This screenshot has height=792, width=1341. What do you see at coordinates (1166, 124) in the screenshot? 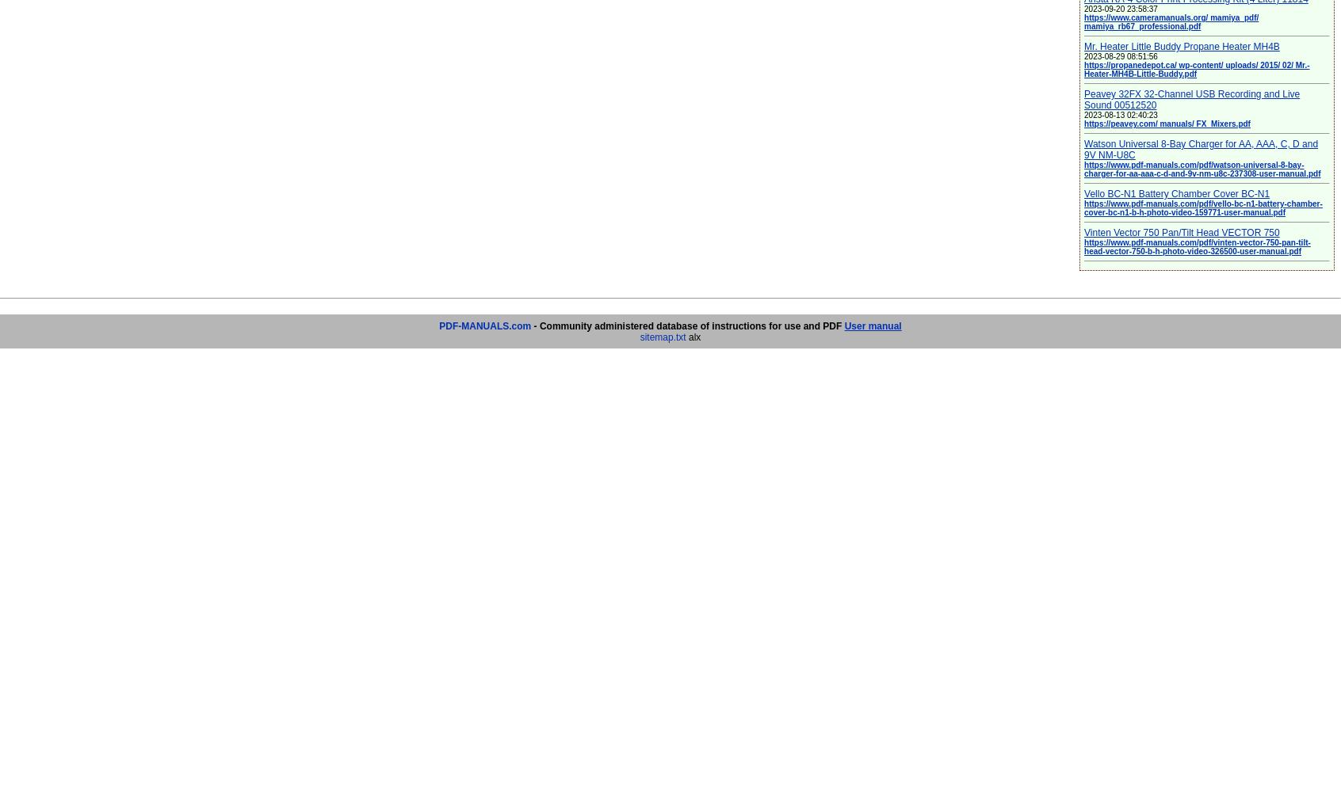
I see `'https://peavey.com/ manuals/ FX_Mixers.pdf'` at bounding box center [1166, 124].